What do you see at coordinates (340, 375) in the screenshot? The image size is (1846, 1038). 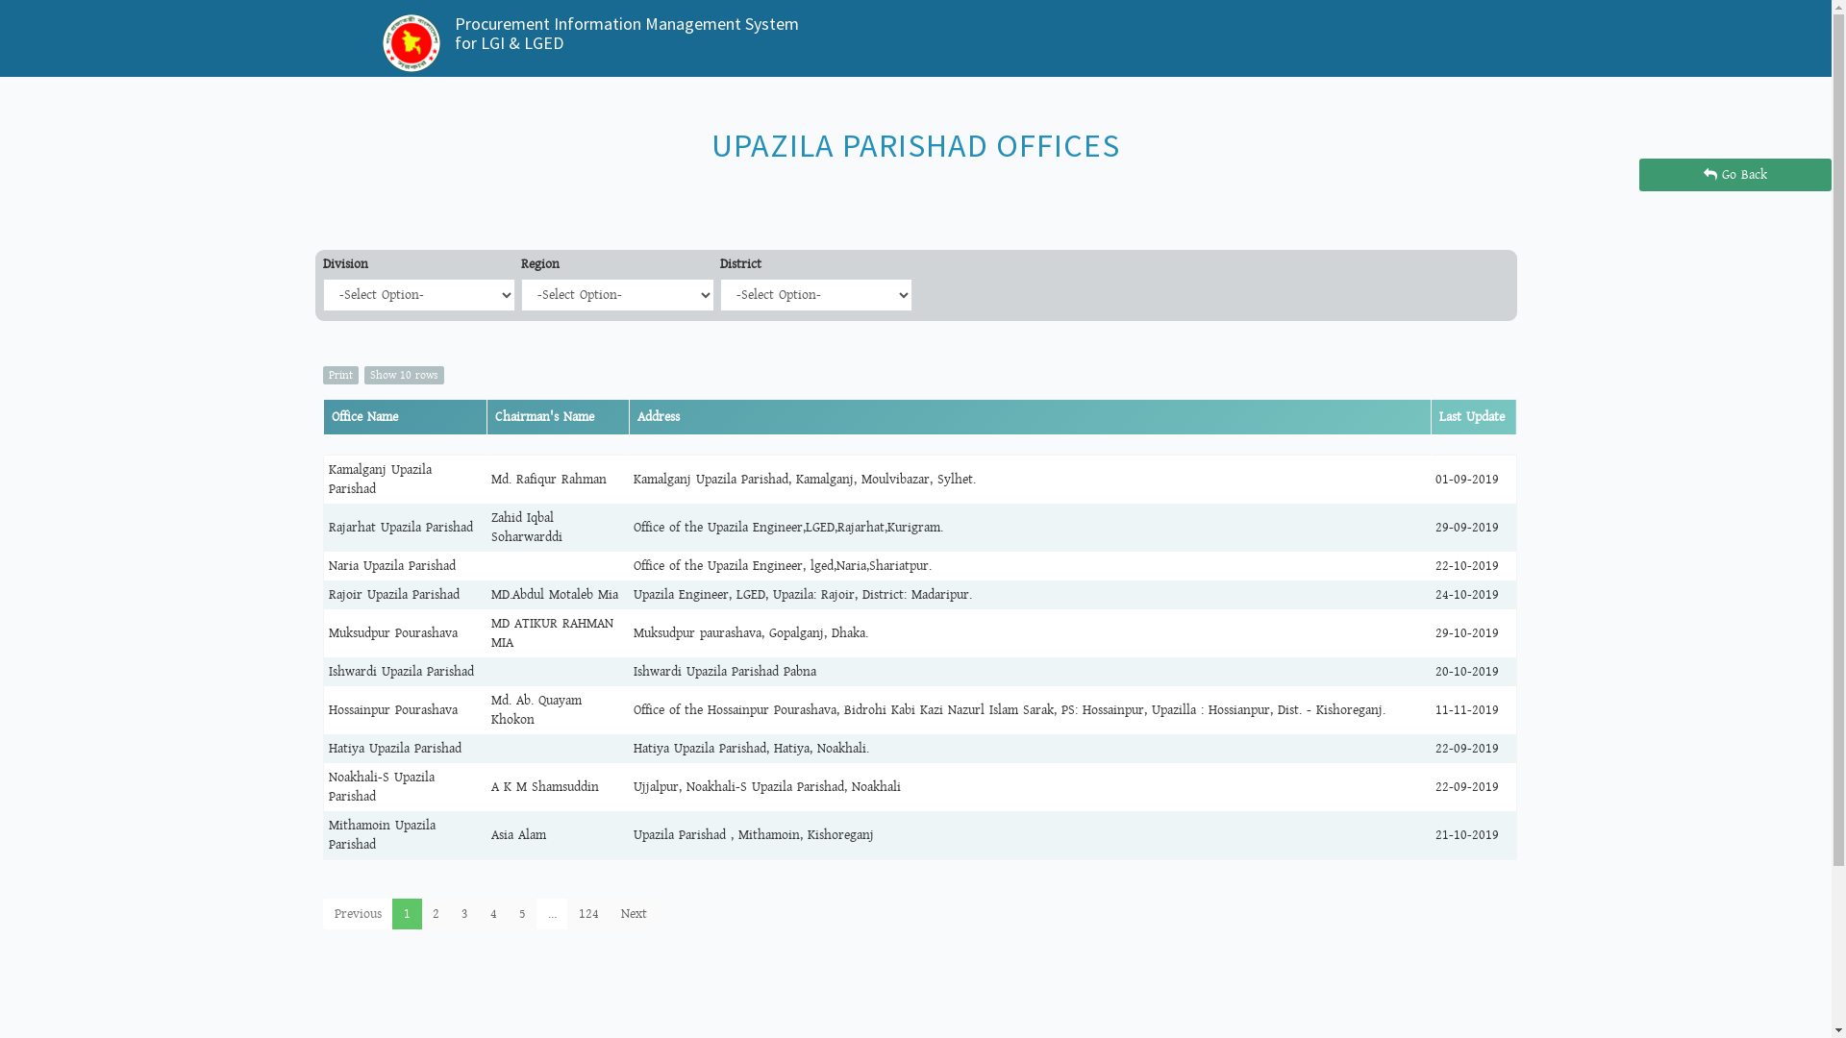 I see `'Print'` at bounding box center [340, 375].